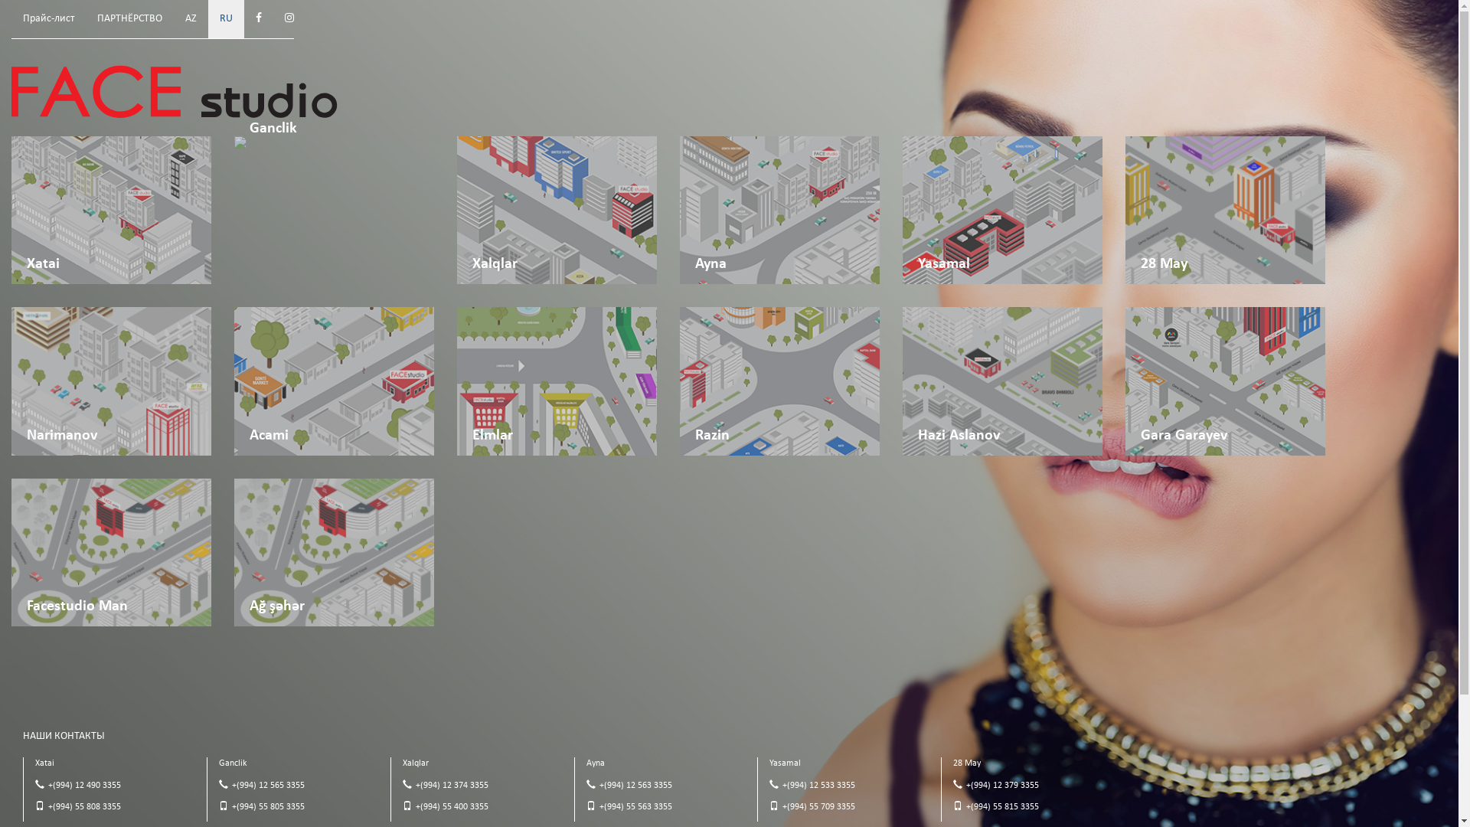 This screenshot has height=827, width=1470. What do you see at coordinates (635, 786) in the screenshot?
I see `'+(994) 12 563 3355'` at bounding box center [635, 786].